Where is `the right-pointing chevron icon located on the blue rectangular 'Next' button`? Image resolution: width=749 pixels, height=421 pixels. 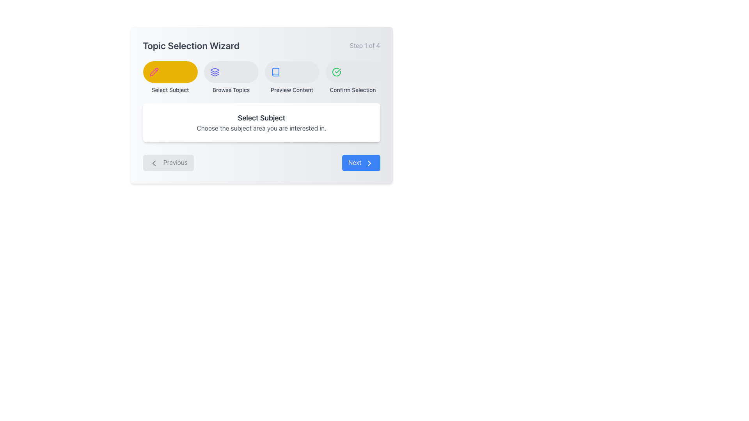
the right-pointing chevron icon located on the blue rectangular 'Next' button is located at coordinates (369, 163).